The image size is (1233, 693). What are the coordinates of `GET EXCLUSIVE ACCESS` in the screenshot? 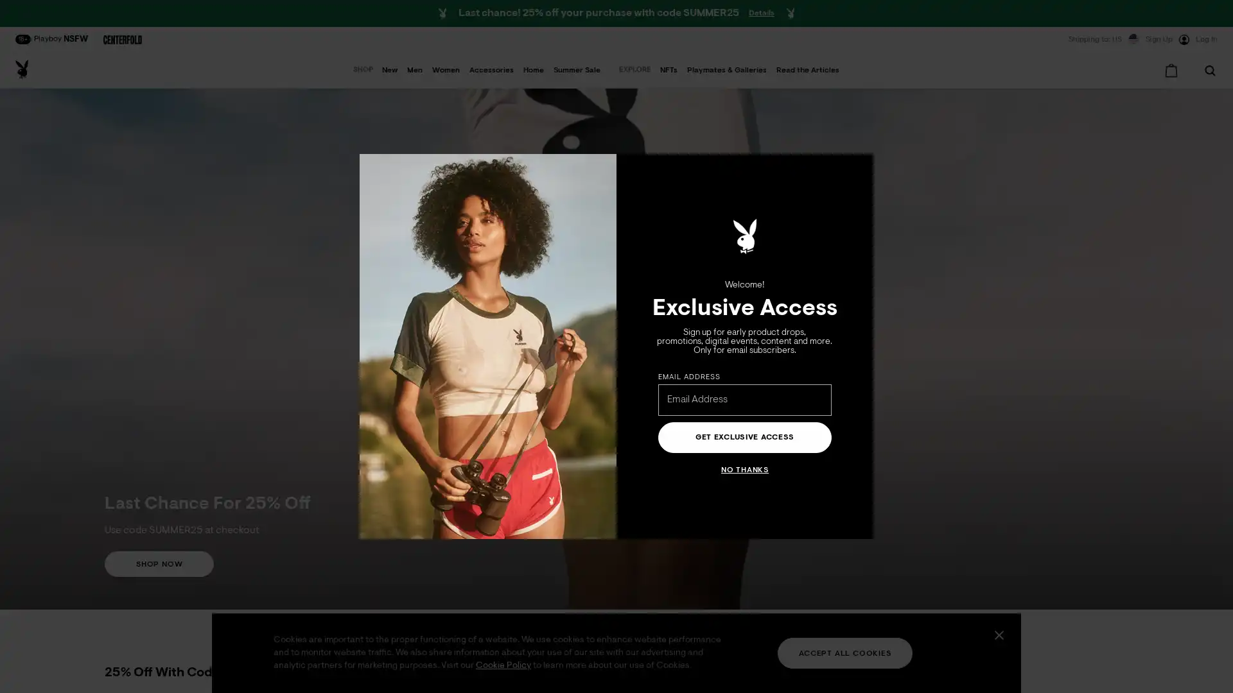 It's located at (745, 436).